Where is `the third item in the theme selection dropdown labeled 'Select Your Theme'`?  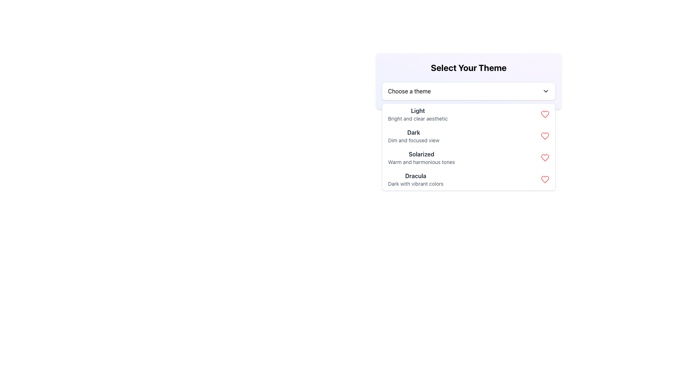 the third item in the theme selection dropdown labeled 'Select Your Theme' is located at coordinates (416, 179).